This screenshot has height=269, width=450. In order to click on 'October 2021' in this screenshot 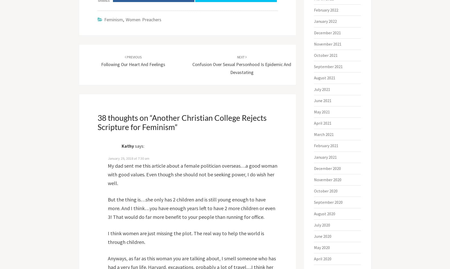, I will do `click(326, 55)`.